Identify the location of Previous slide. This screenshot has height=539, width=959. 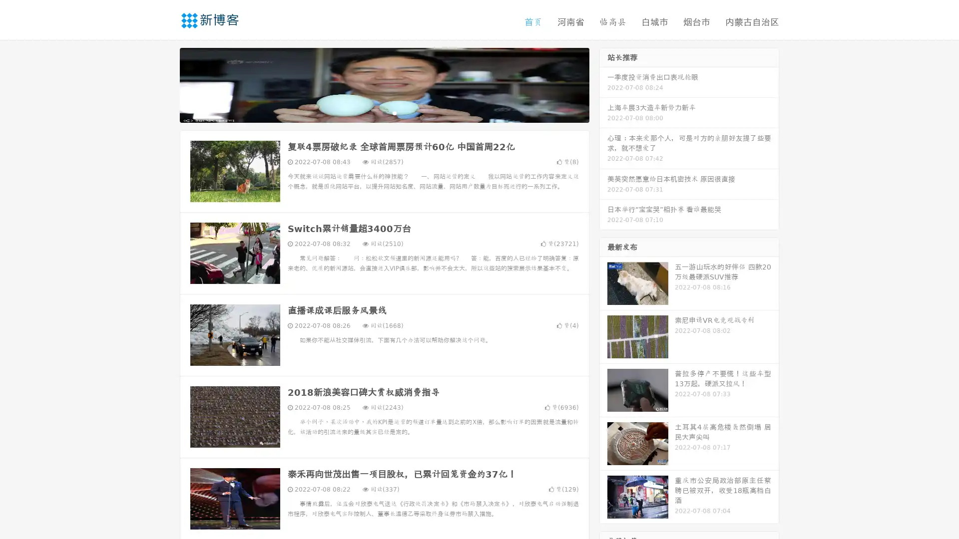
(165, 84).